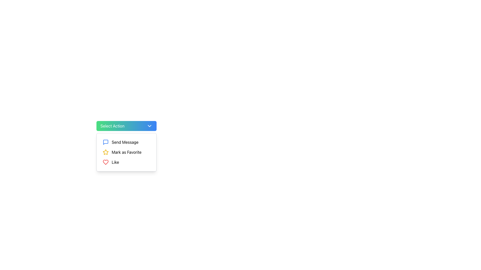  I want to click on the 'Favorite' text menu item, the second option, so click(127, 152).